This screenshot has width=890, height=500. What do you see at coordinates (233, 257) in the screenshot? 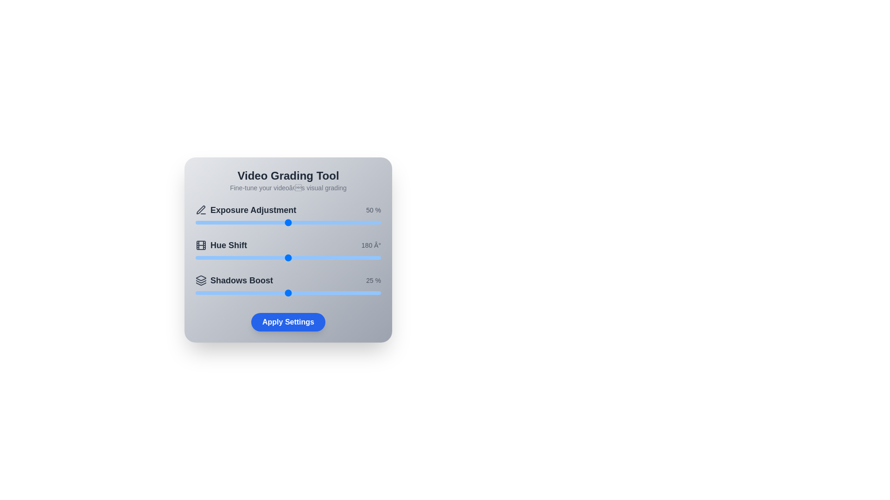
I see `the hue shift` at bounding box center [233, 257].